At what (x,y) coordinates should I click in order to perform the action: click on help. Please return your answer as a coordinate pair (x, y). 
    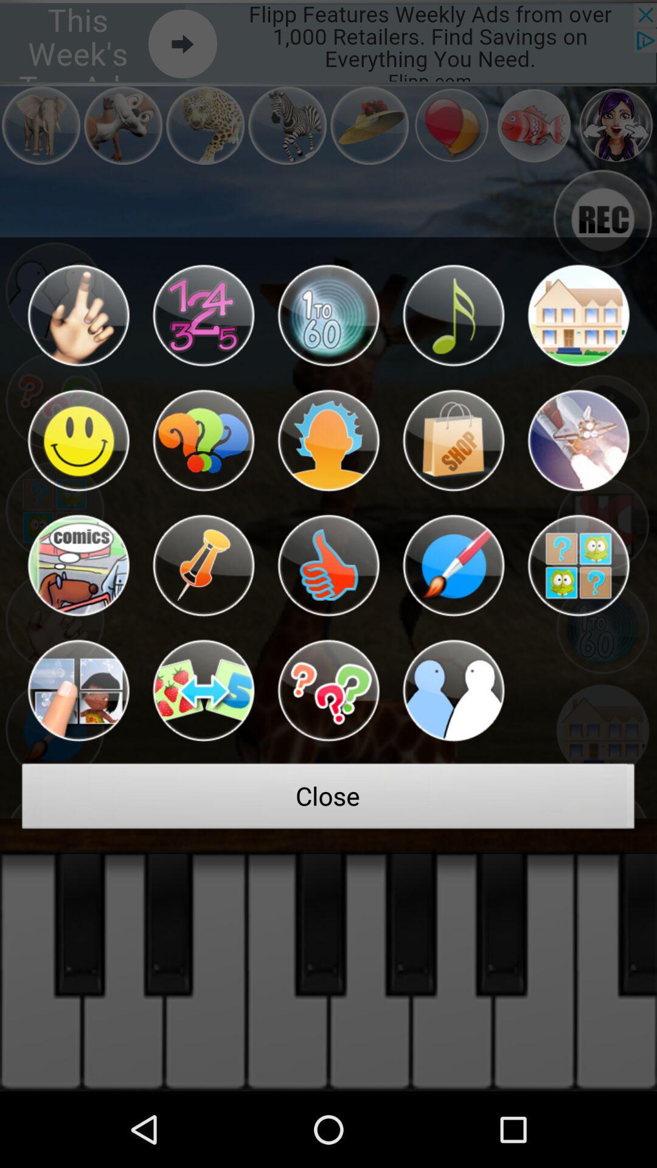
    Looking at the image, I should click on (328, 690).